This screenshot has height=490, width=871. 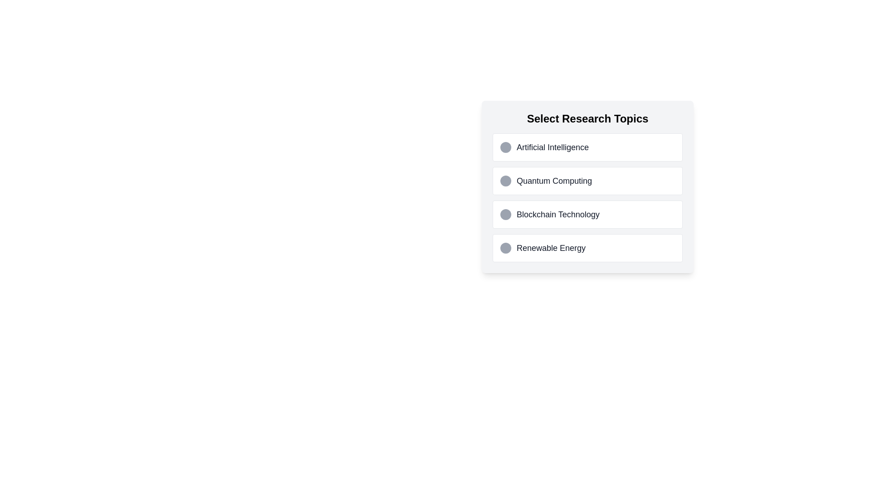 I want to click on the text label displaying 'Artificial Intelligence', which is part of the 'Select Research Topics' section and is styled with gray text color, so click(x=552, y=147).